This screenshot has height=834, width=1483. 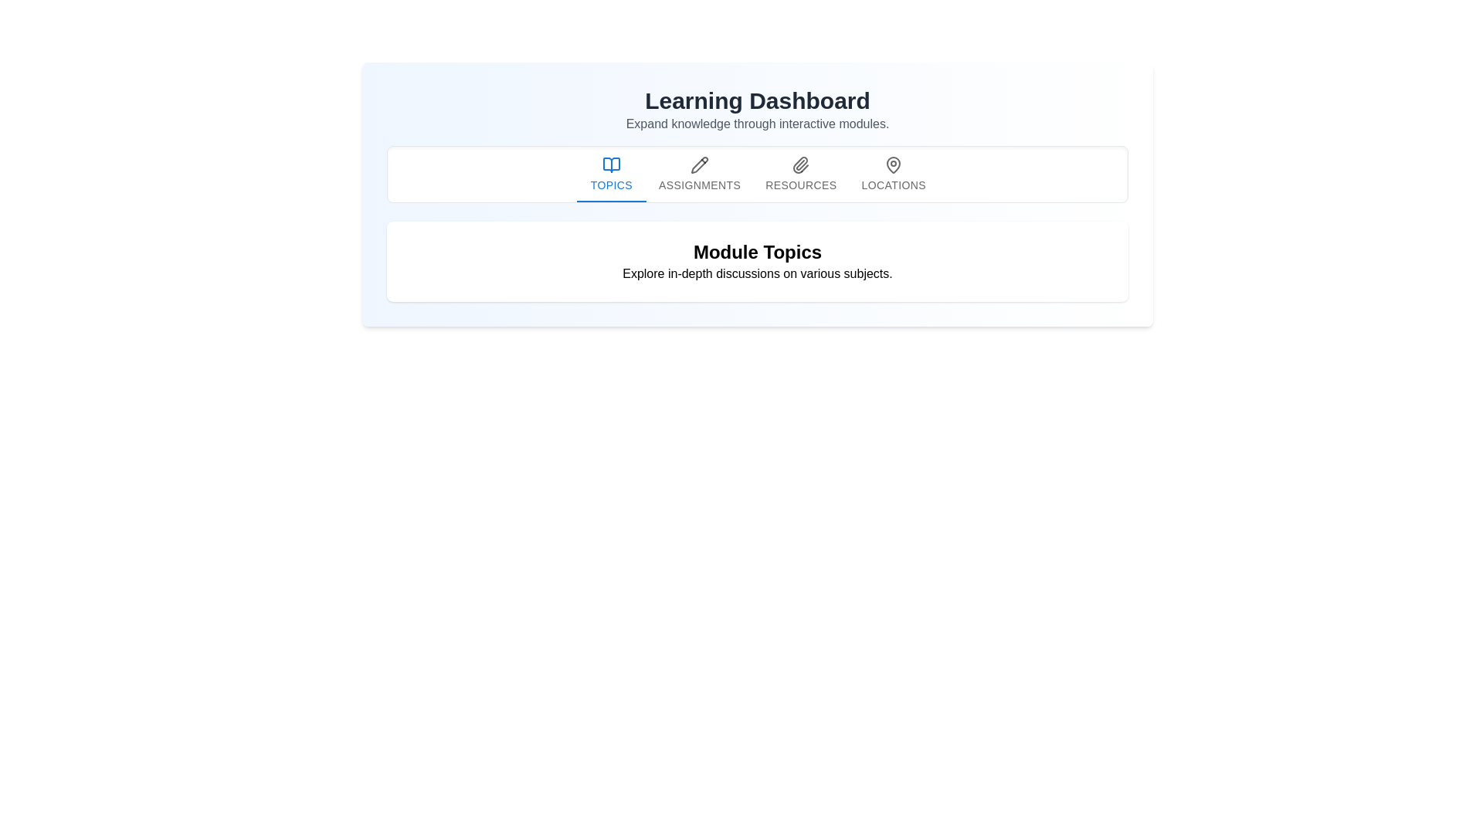 I want to click on textual content block titled 'Module Topics' with the description 'Explore in-depth discussions on various subjects.' located centrally below the 'Learning Dashboard' navigation bar, so click(x=757, y=261).